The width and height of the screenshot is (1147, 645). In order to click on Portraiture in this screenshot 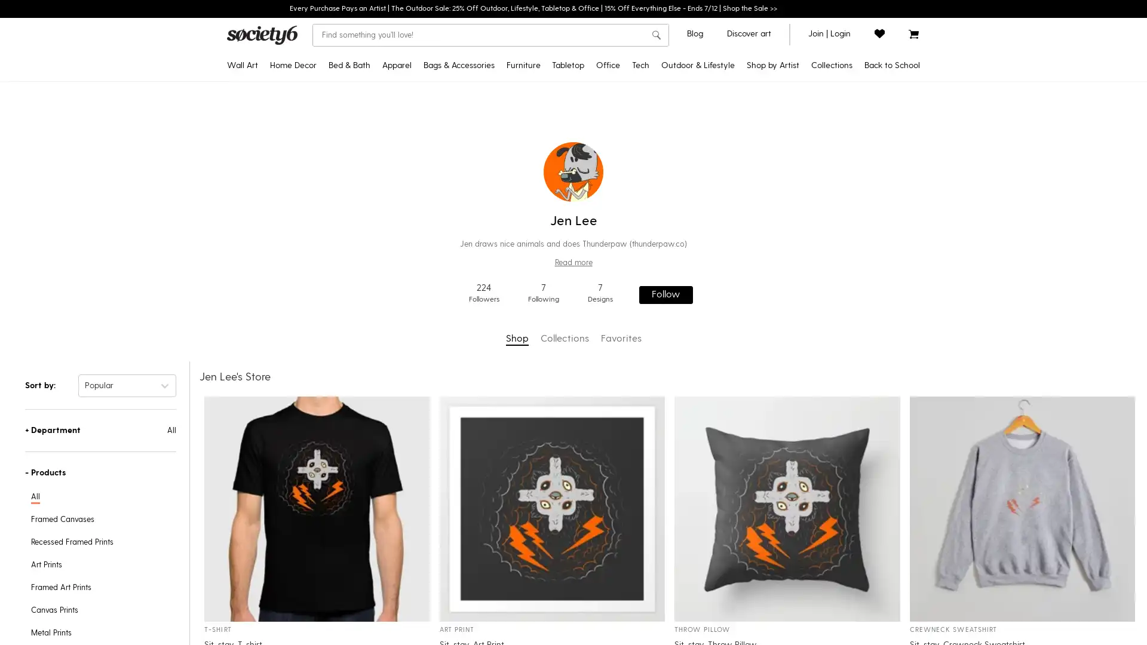, I will do `click(787, 231)`.